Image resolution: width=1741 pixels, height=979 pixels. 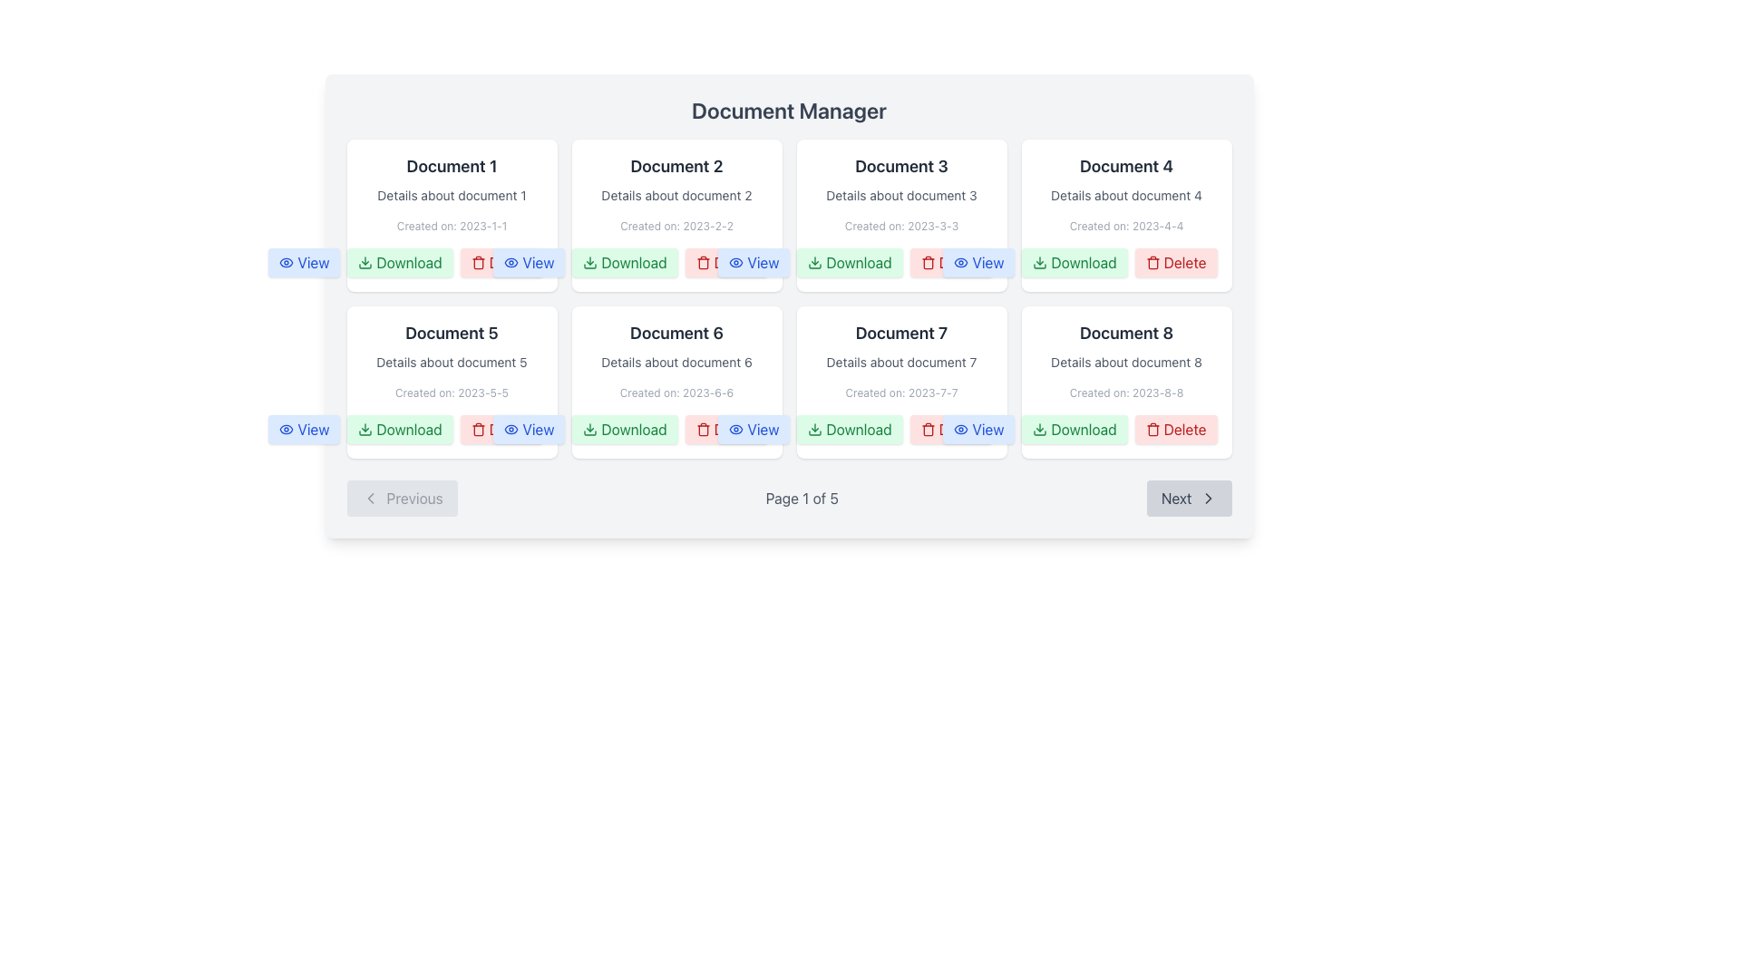 What do you see at coordinates (676, 363) in the screenshot?
I see `supplementary information text label for 'Document 6', which is positioned below the header and above the creation date` at bounding box center [676, 363].